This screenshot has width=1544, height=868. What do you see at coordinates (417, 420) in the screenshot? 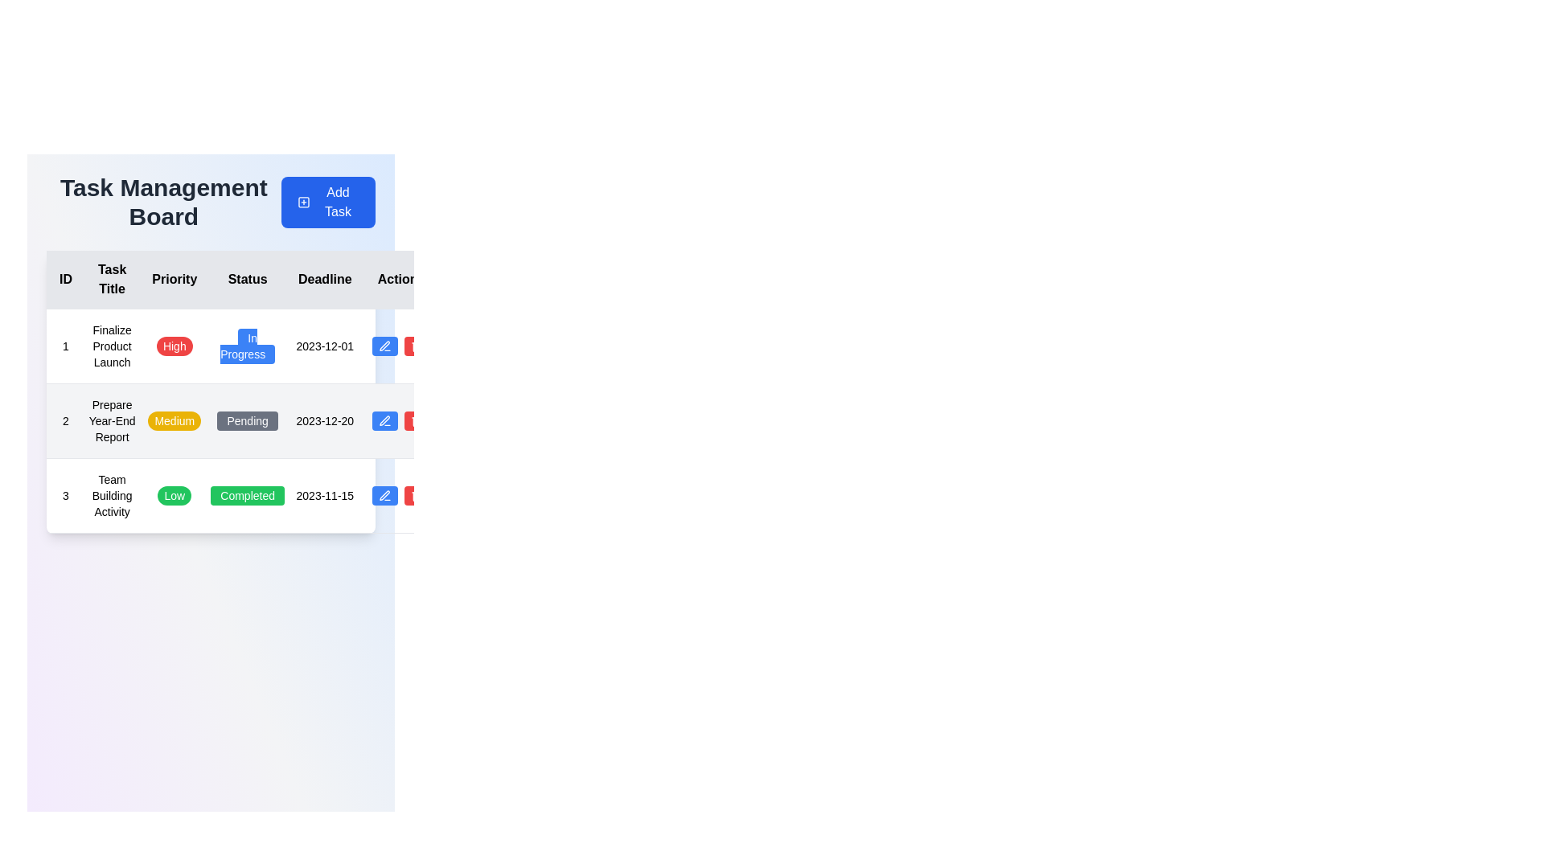
I see `the delete icon within the red interactive button in the 'Action' column for the task 'Prepare Year-End Report'` at bounding box center [417, 420].